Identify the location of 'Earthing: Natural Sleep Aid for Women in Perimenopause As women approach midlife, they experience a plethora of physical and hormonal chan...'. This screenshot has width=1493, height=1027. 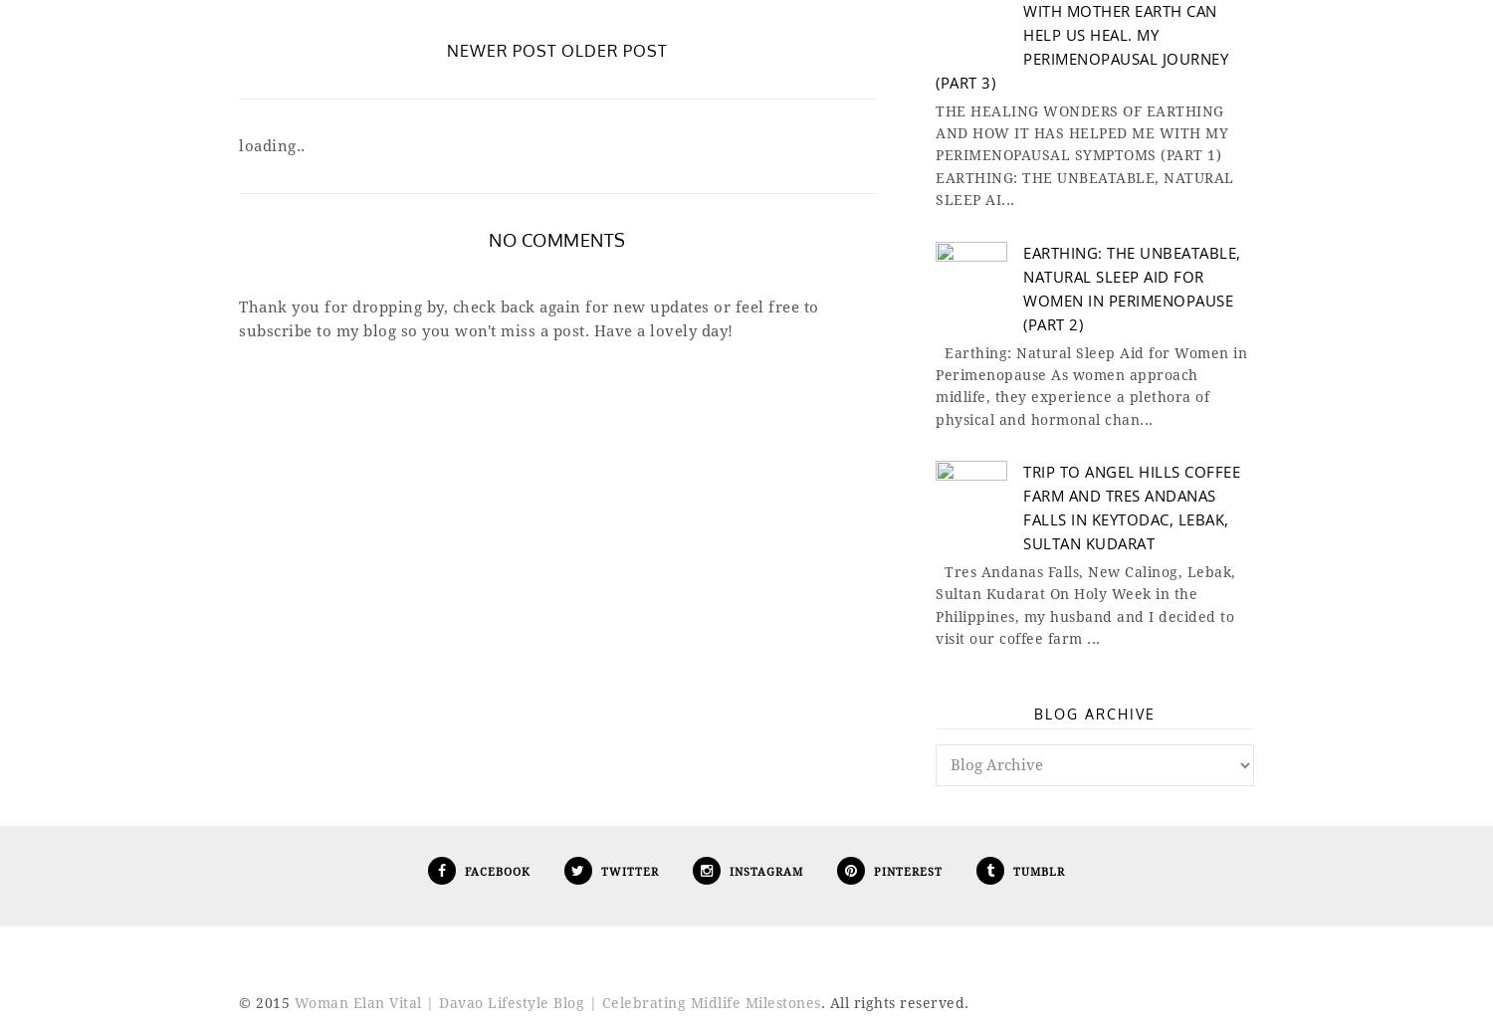
(1090, 385).